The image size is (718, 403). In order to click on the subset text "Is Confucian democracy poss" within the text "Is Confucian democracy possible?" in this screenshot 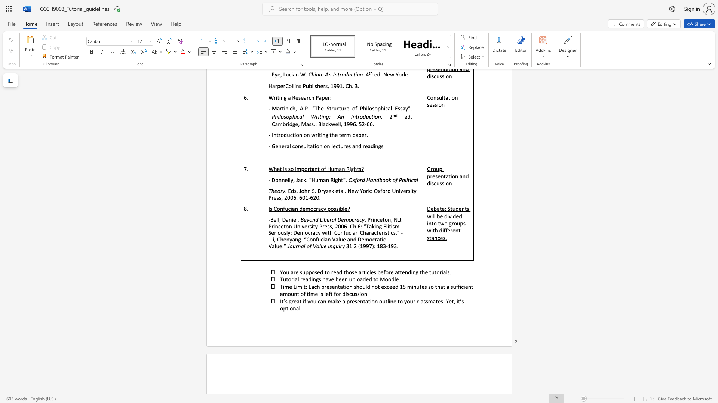, I will do `click(269, 209)`.